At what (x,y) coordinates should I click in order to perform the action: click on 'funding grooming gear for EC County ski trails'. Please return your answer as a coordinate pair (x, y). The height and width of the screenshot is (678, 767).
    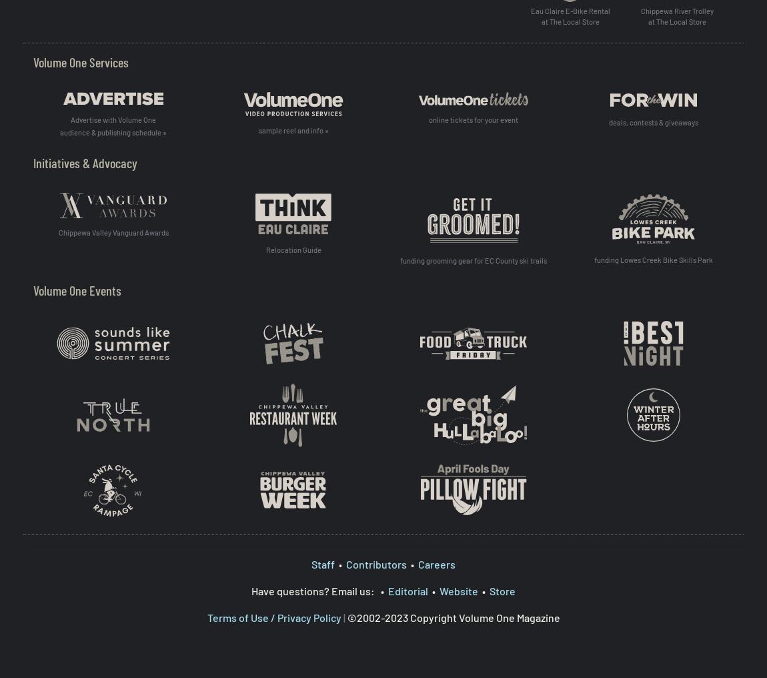
    Looking at the image, I should click on (473, 259).